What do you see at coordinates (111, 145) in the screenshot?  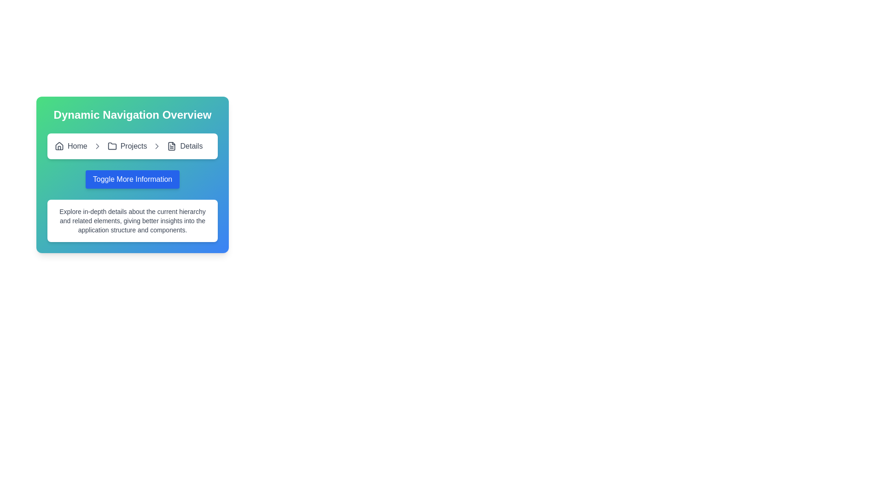 I see `the 'Projects' breadcrumb icon, which is located between the 'Home' icon and the label 'Projects' in the breadcrumb navigation at the top of the interface` at bounding box center [111, 145].